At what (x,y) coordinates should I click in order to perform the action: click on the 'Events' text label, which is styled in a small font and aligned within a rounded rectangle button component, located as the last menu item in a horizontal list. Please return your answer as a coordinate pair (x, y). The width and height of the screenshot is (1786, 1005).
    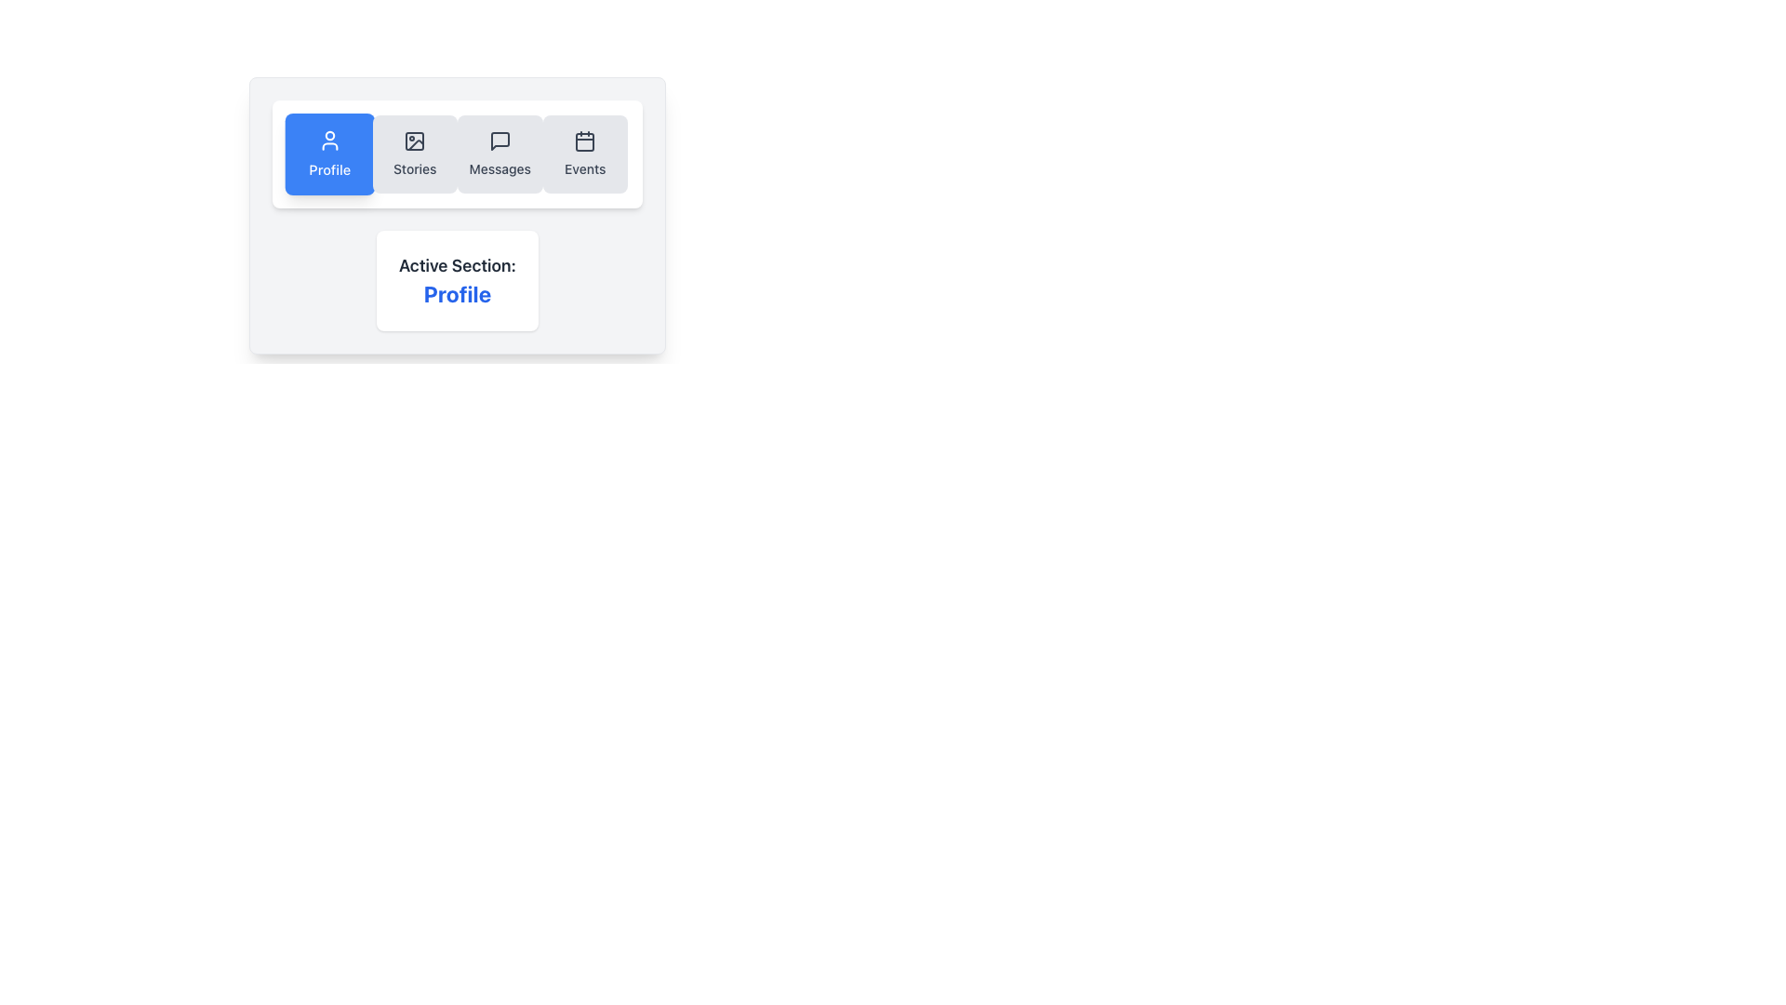
    Looking at the image, I should click on (584, 168).